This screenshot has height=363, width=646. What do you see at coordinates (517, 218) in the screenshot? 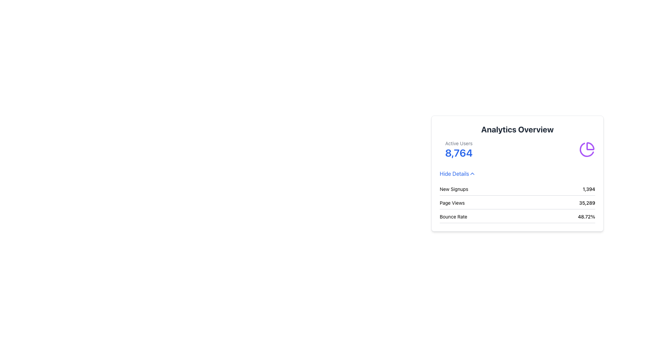
I see `bounce rate percentage statistic displayed in the third entry of the vertically stacked list of statistics within the 'Analytics Overview' section` at bounding box center [517, 218].